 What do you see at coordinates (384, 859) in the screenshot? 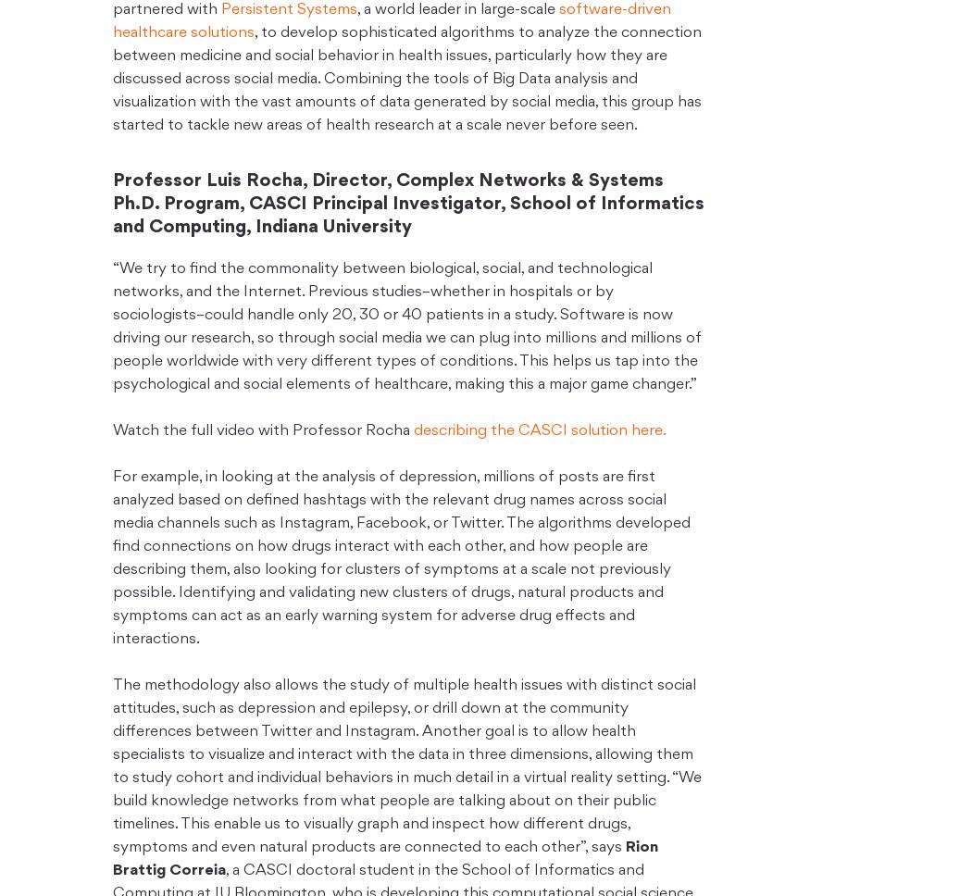
I see `'Rion Brattig Correia'` at bounding box center [384, 859].